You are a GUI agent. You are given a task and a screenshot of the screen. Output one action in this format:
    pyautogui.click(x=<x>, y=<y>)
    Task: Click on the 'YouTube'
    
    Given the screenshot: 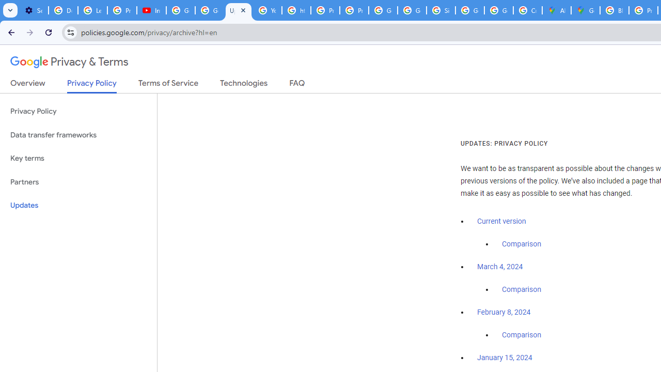 What is the action you would take?
    pyautogui.click(x=267, y=10)
    